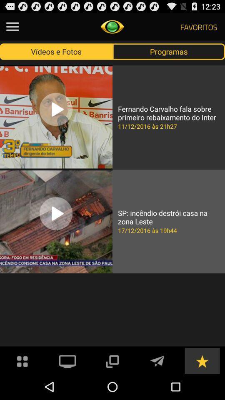  I want to click on saved videos, so click(202, 360).